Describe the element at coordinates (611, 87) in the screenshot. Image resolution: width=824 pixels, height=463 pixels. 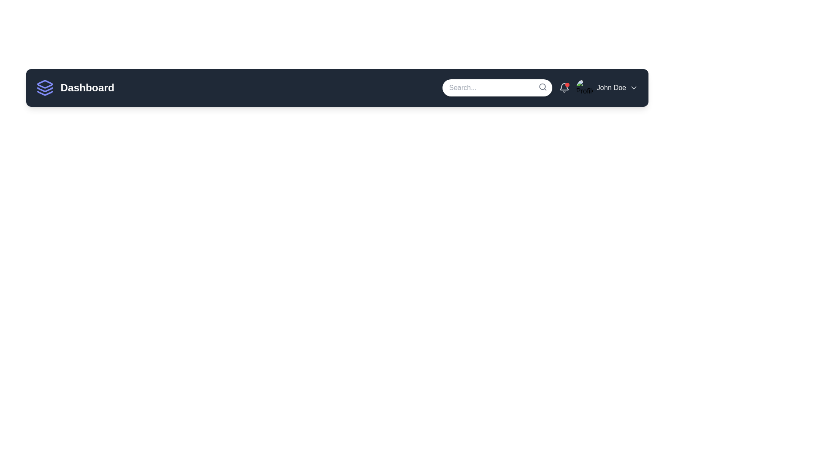
I see `the text label displaying the name 'John Doe', which is located in the top-right corner of the dark navigation bar, positioned between a profile picture and a downward-facing chevron icon` at that location.